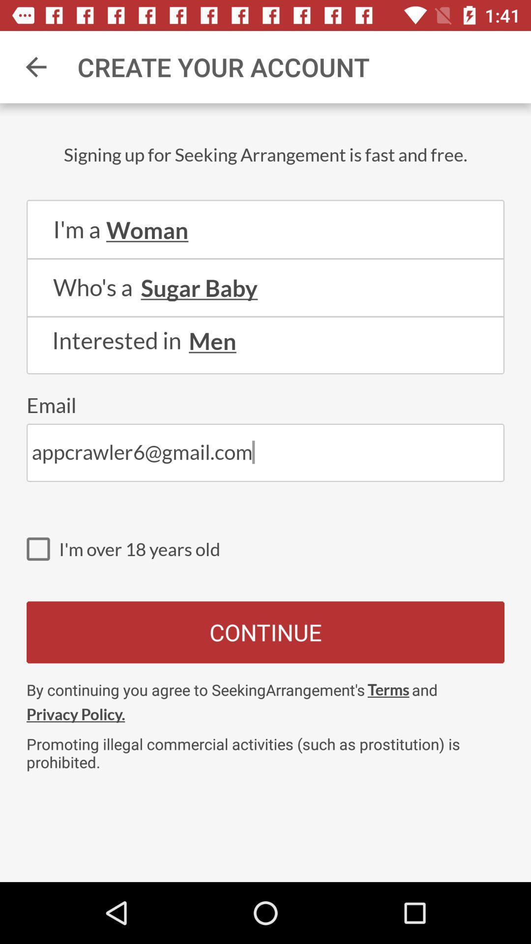 This screenshot has width=531, height=944. Describe the element at coordinates (35, 66) in the screenshot. I see `the icon to the left of the create your account app` at that location.